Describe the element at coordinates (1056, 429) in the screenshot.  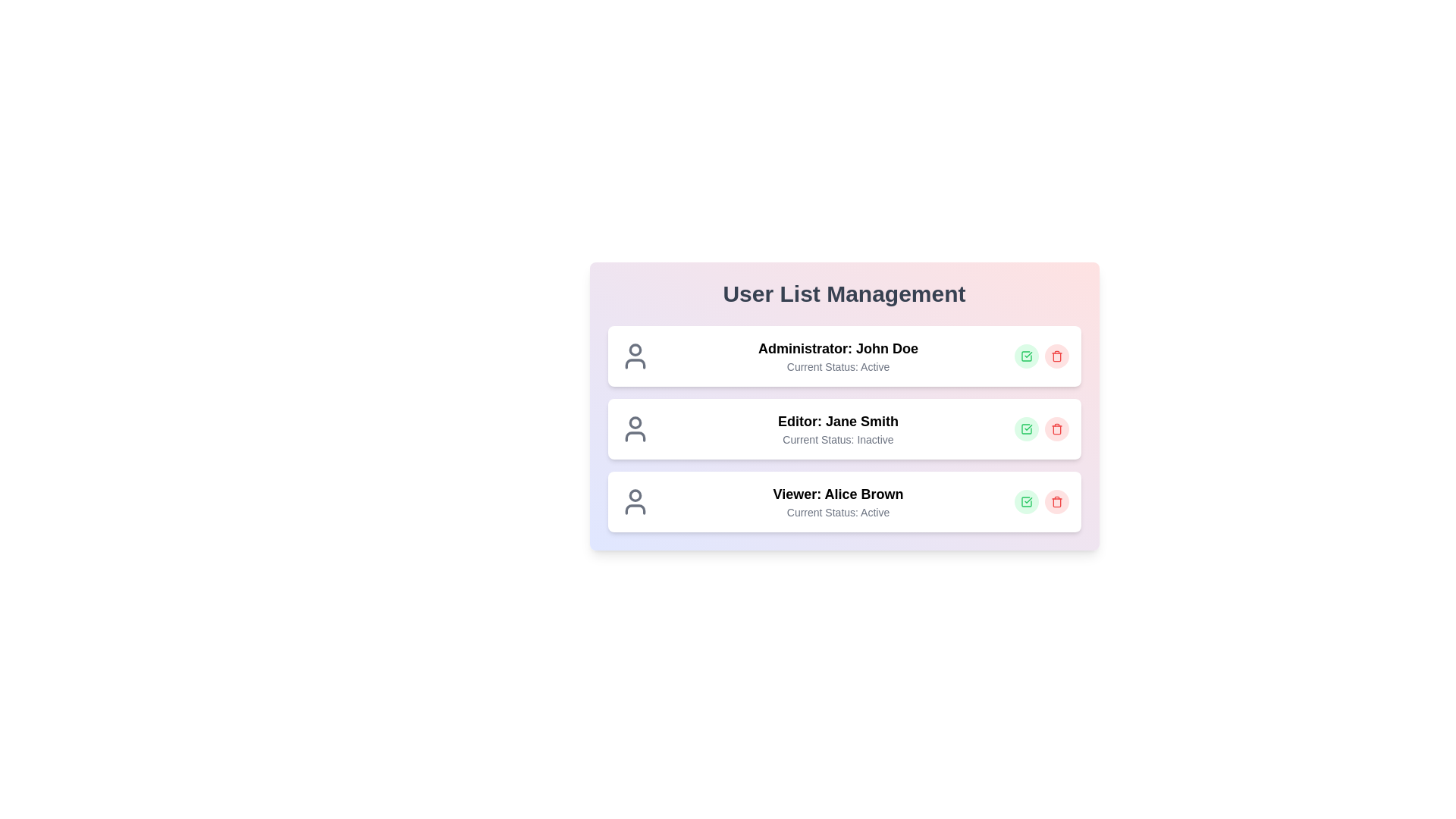
I see `the red trash can icon located in the second item row of the list, adjacent to the green circular checkmark icon` at that location.